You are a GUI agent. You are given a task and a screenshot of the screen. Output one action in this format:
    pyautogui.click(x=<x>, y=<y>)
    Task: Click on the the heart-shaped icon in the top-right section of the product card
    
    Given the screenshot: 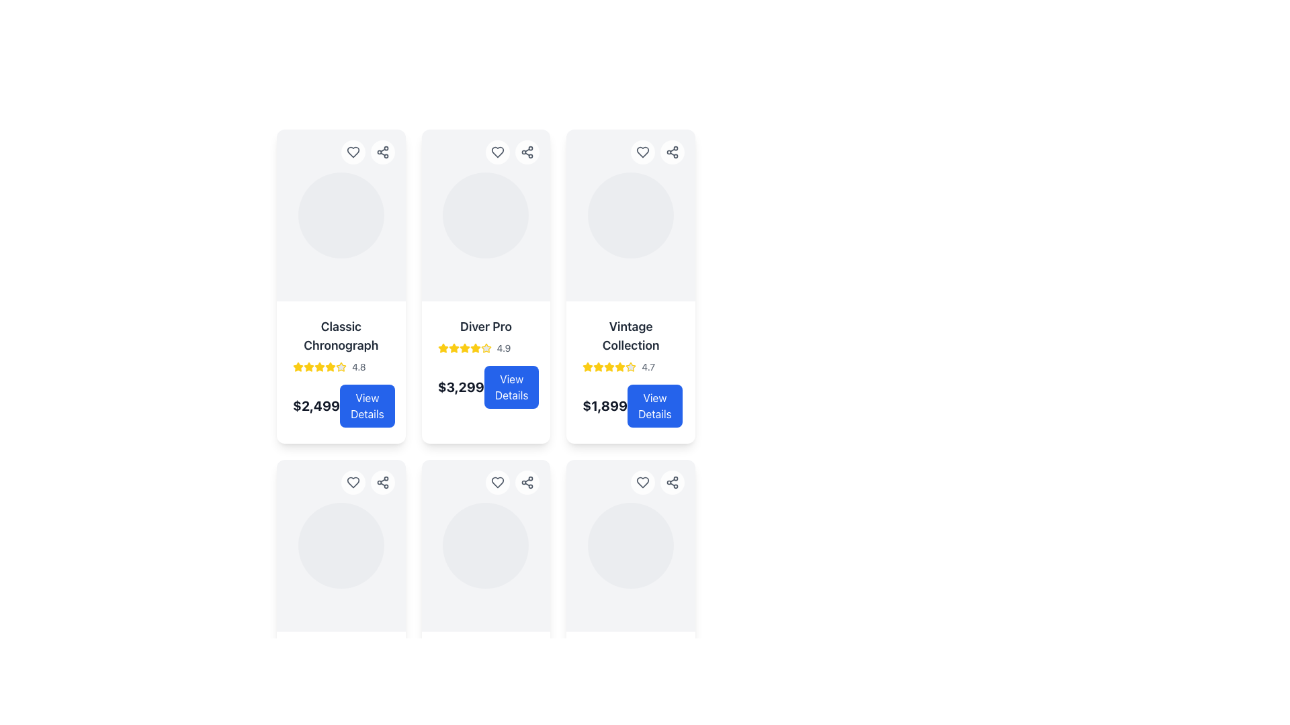 What is the action you would take?
    pyautogui.click(x=642, y=481)
    